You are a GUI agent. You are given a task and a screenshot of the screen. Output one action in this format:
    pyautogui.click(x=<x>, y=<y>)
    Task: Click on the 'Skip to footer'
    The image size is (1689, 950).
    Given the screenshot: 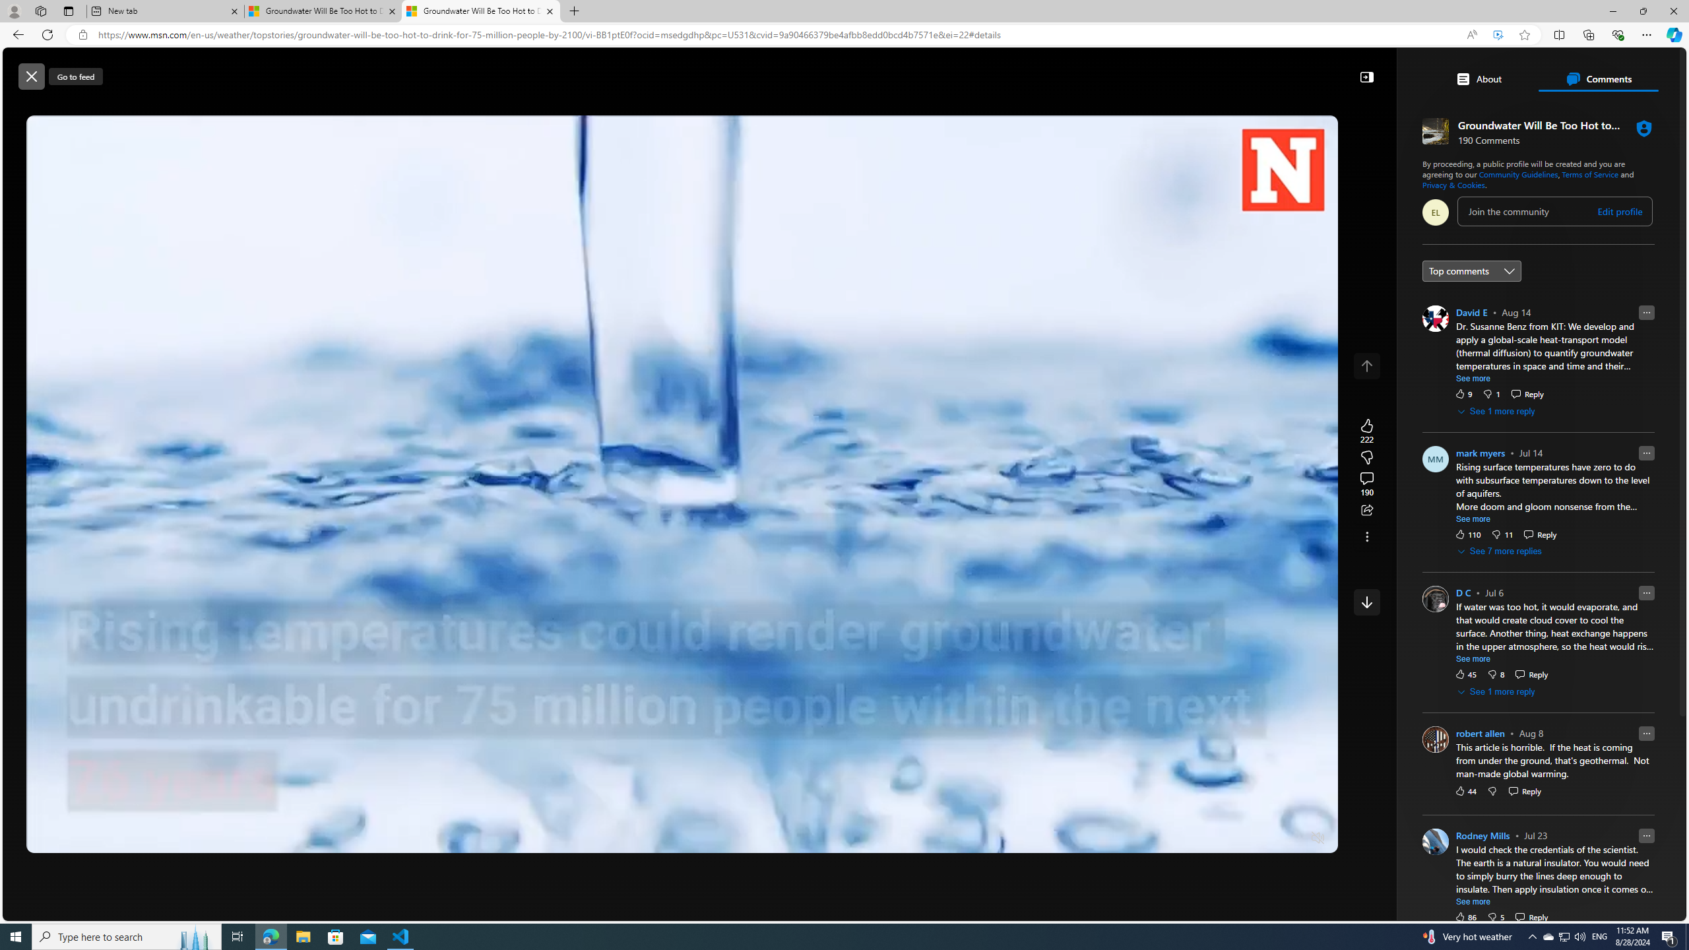 What is the action you would take?
    pyautogui.click(x=53, y=69)
    